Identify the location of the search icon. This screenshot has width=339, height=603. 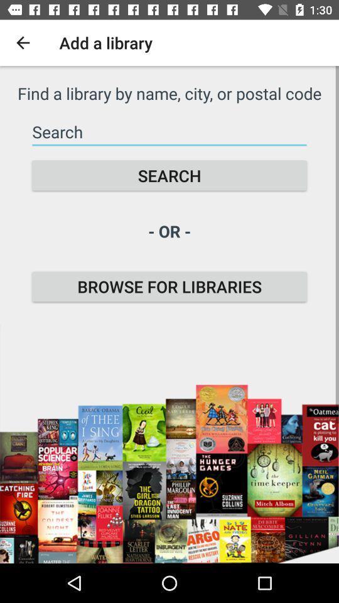
(169, 175).